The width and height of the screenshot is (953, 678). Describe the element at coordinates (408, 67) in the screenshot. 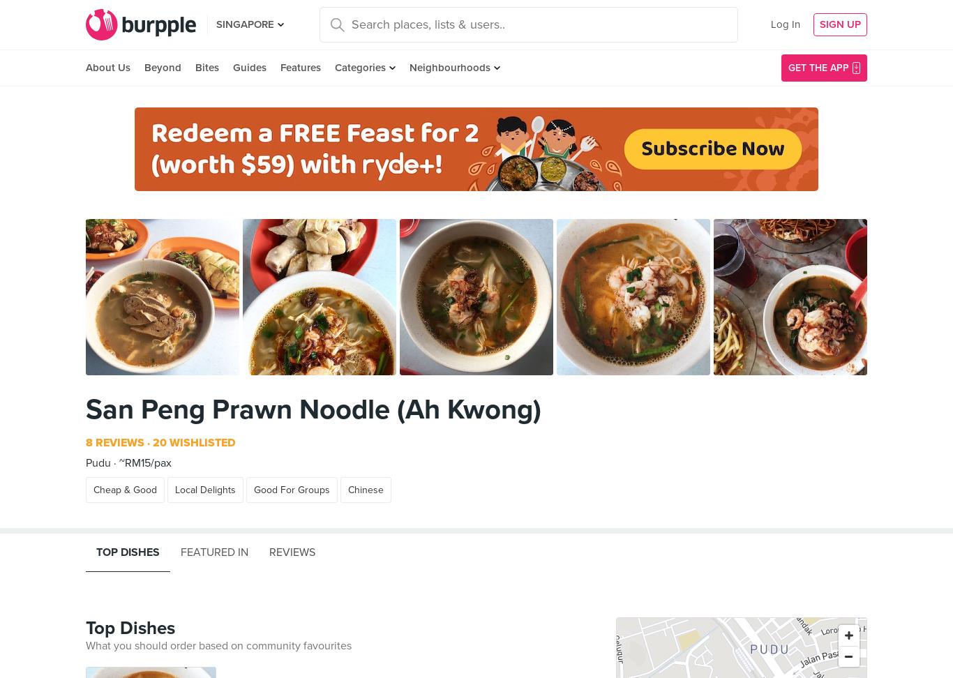

I see `'Neighbourhoods'` at that location.